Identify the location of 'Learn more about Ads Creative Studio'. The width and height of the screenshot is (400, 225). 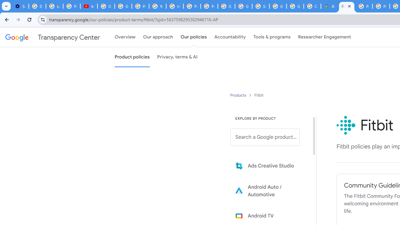
(269, 166).